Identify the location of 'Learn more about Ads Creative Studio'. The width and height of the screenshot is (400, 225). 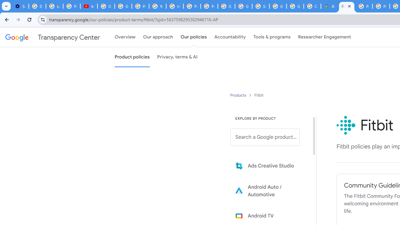
(269, 166).